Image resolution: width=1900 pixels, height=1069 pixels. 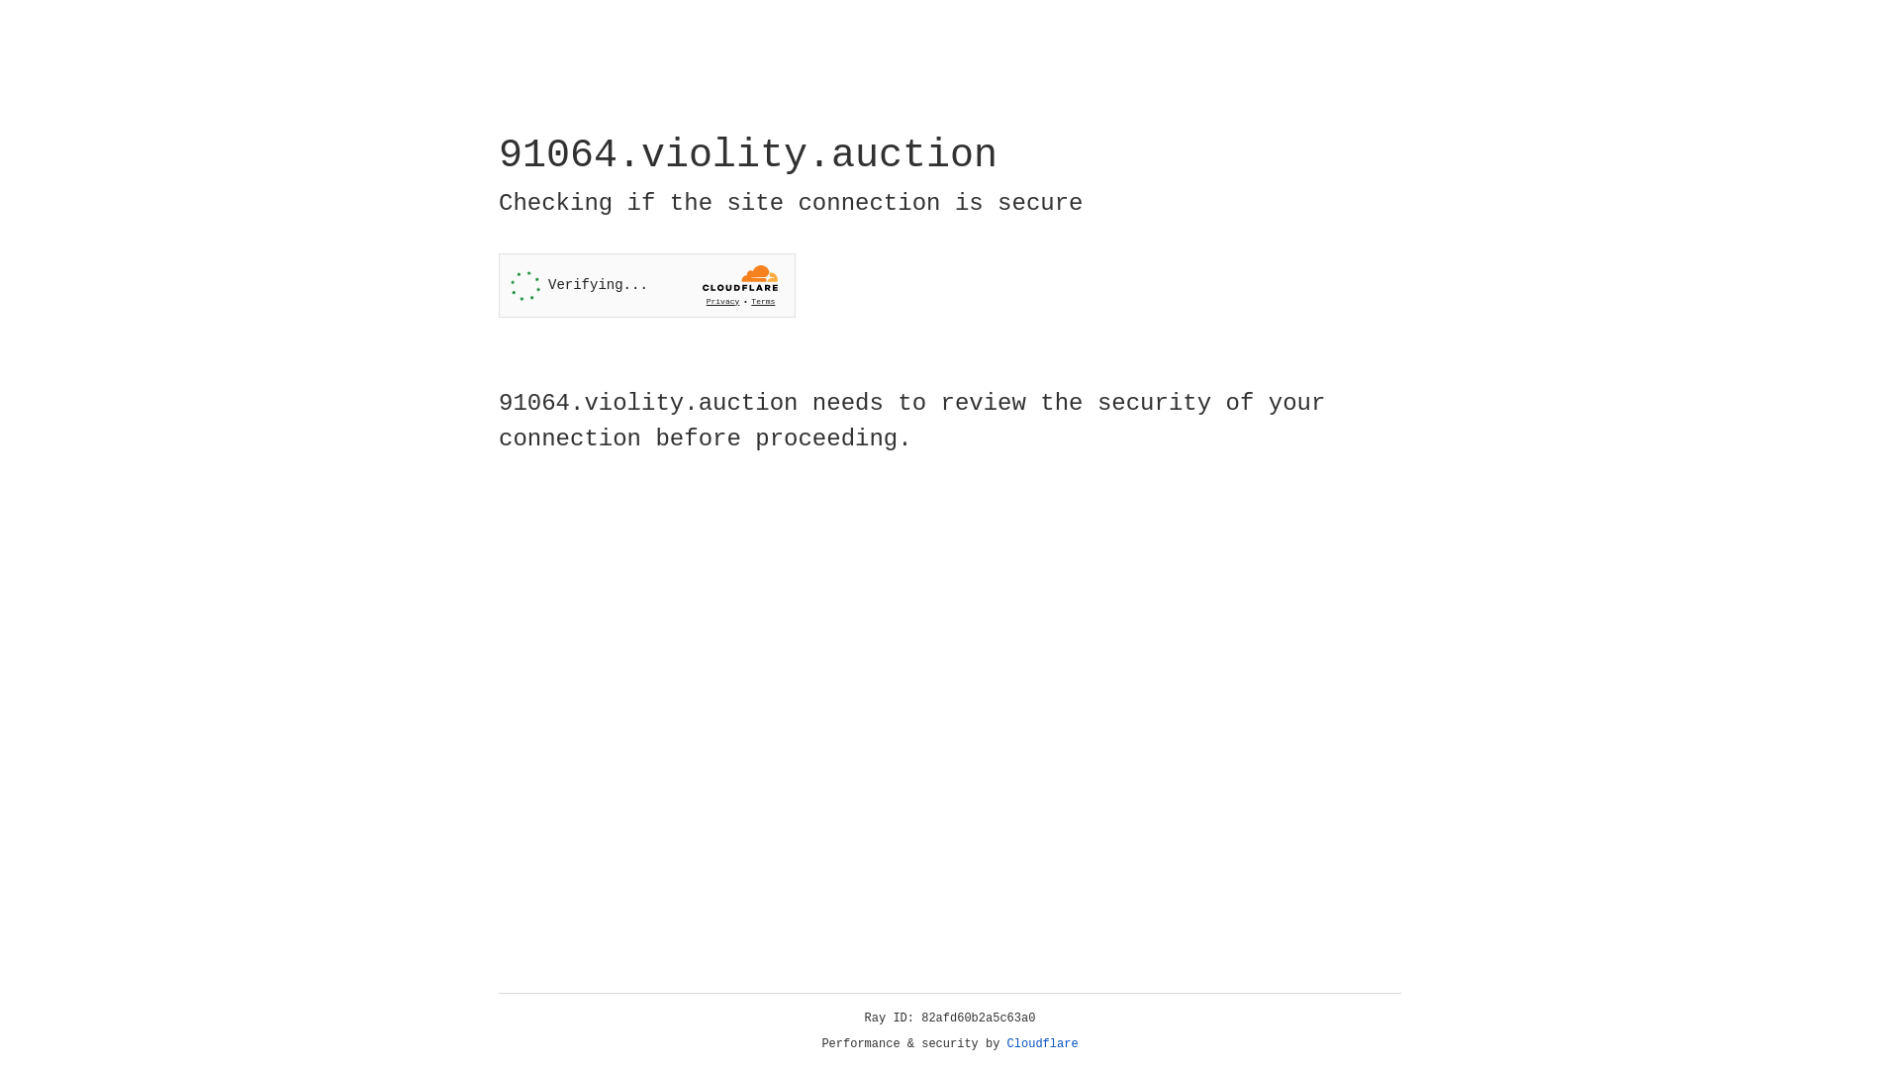 I want to click on 'Cloudflare', so click(x=1006, y=1043).